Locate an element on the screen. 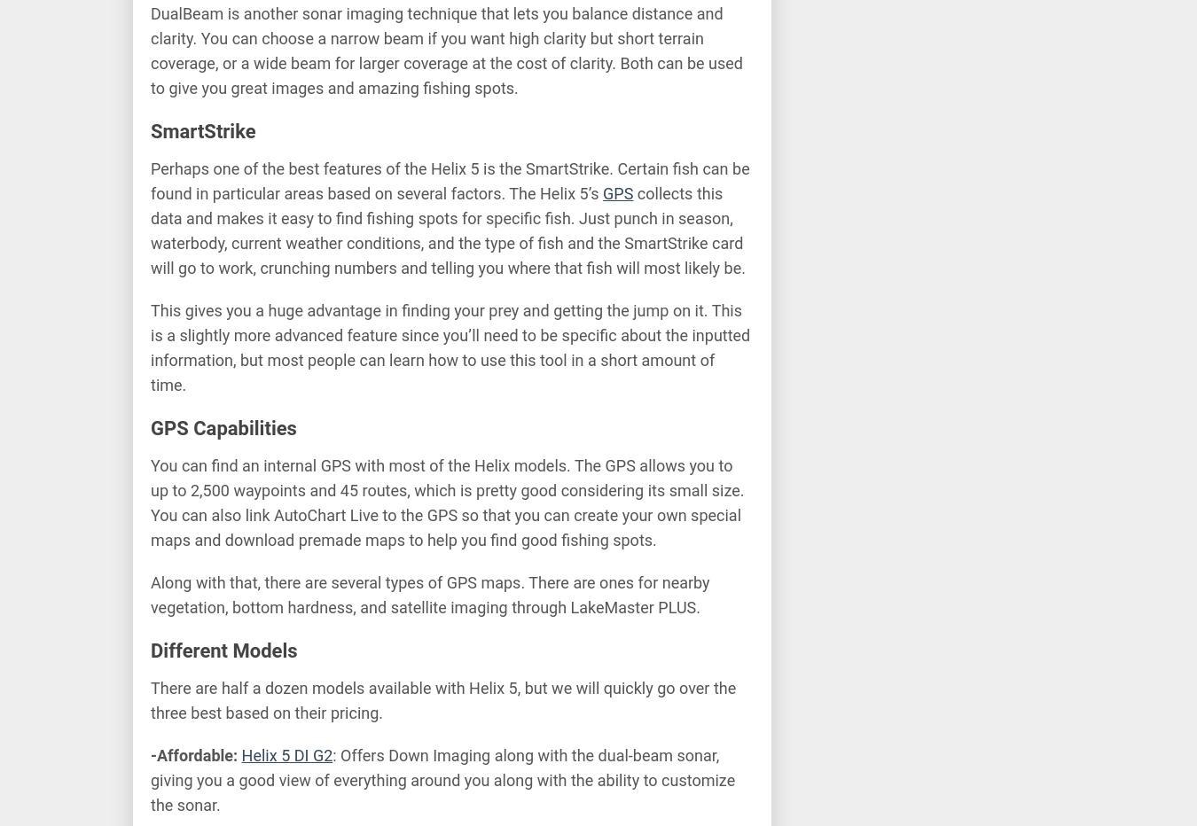  'This gives you a huge advantage in finding your prey and getting the jump on it. This is a slightly more advanced feature since you’ll need to be specific about the inputted information, but most people can learn how to use this tool in a short amount of time.' is located at coordinates (450, 347).